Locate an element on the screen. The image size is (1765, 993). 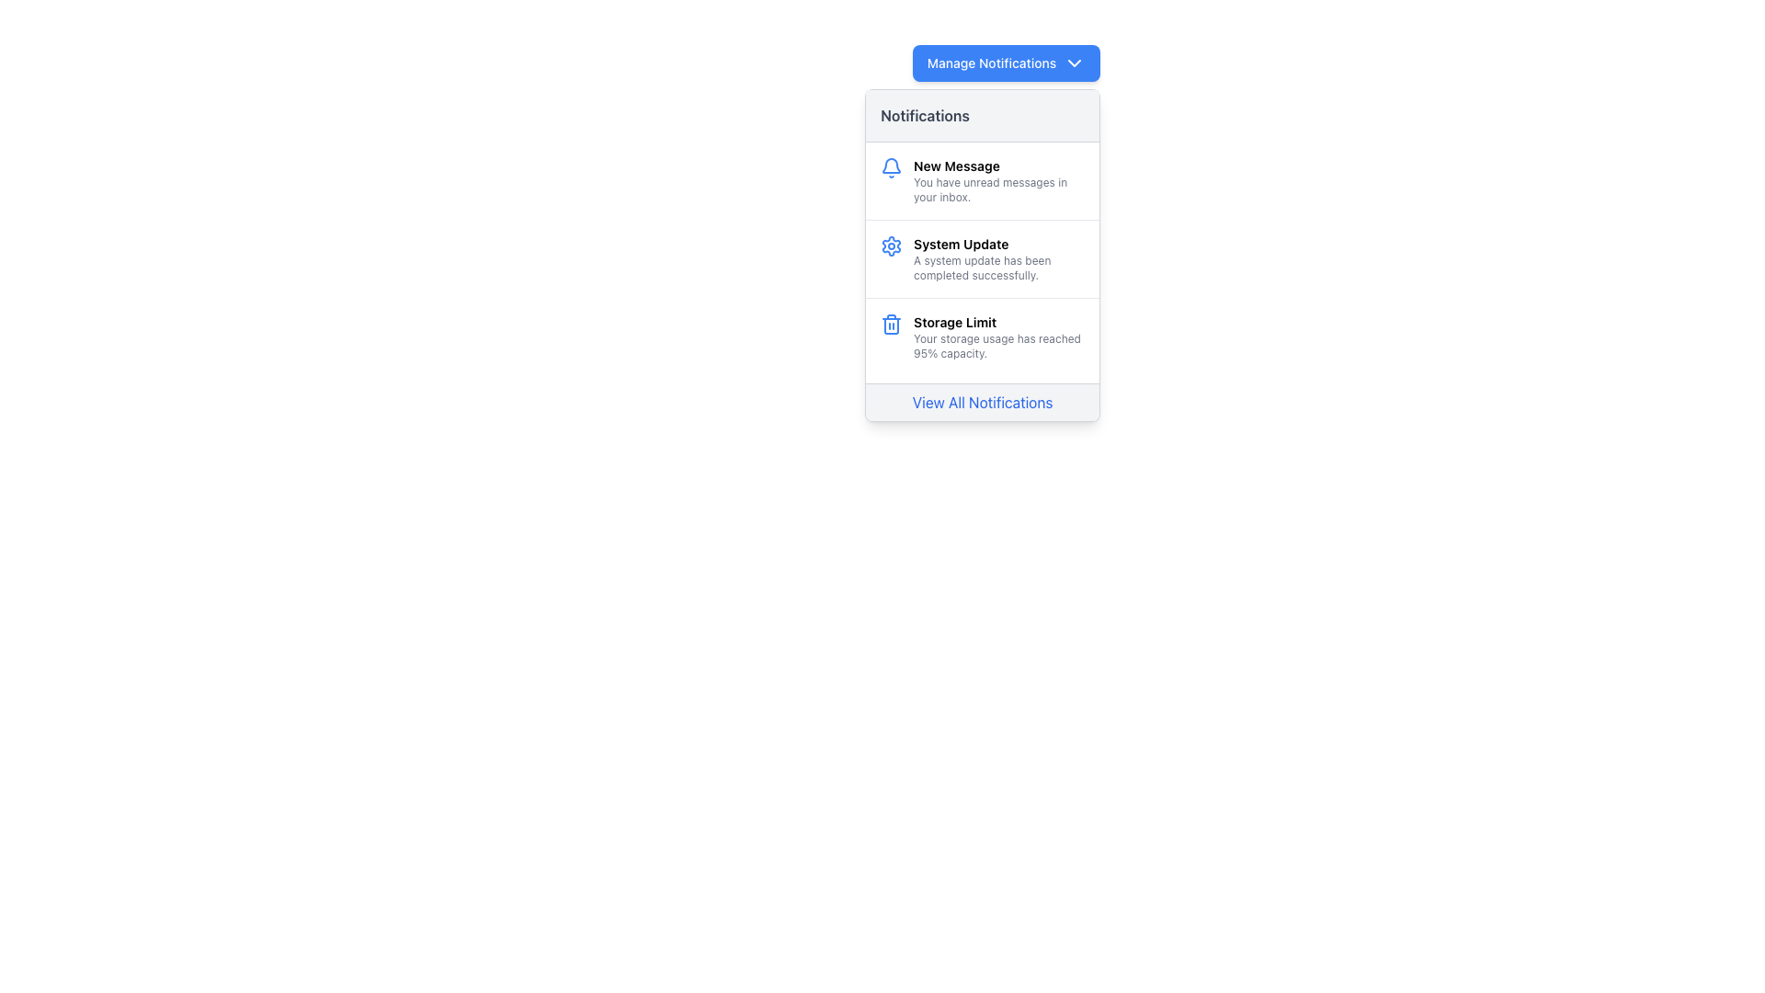
the Notification card displaying the title 'Storage Limit' with a message about storage usage, located in the dropdown panel is located at coordinates (982, 337).